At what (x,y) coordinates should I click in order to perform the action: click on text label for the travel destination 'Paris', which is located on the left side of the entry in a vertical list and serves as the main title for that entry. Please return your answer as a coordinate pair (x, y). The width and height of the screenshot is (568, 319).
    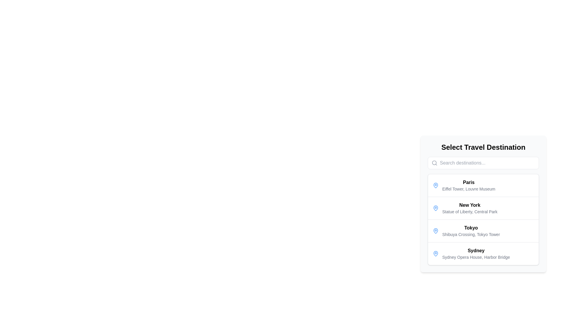
    Looking at the image, I should click on (468, 182).